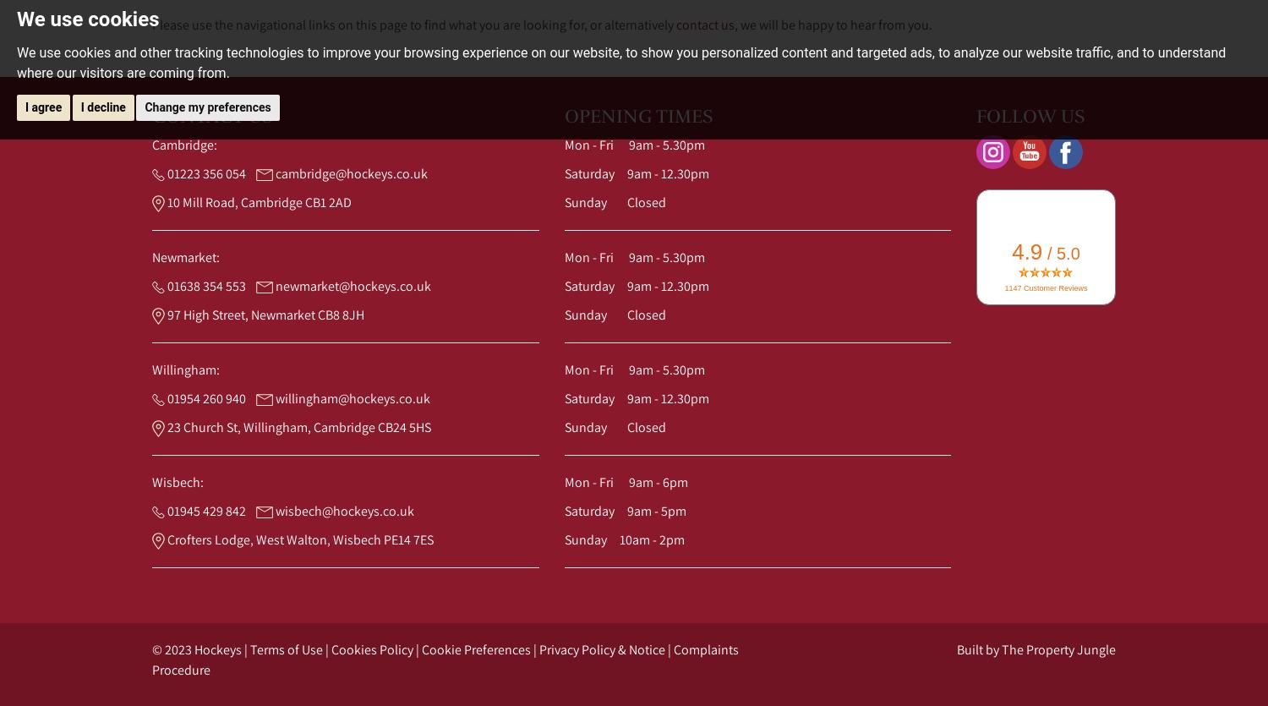  I want to click on '© 2023 Hockeys |', so click(200, 649).